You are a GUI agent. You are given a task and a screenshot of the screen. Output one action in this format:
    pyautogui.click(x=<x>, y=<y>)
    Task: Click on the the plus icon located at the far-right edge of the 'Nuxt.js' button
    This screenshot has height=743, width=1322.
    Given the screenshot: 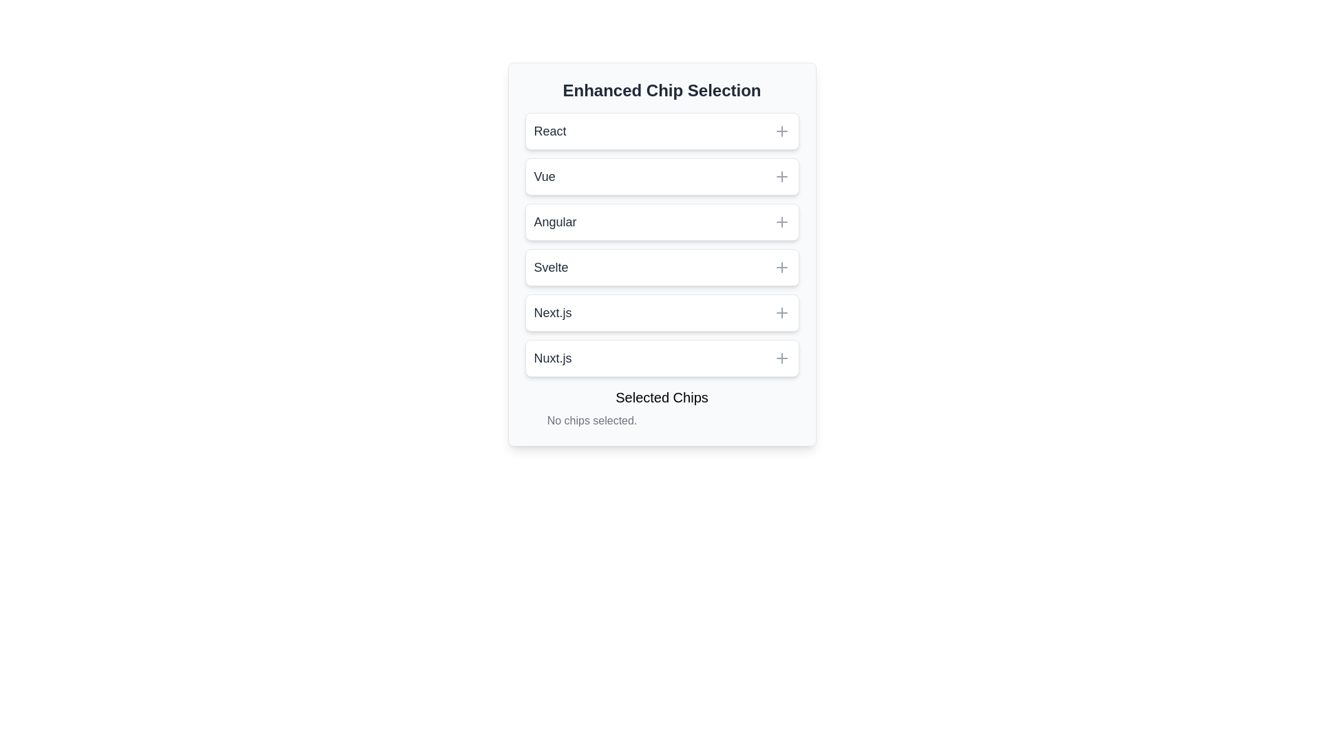 What is the action you would take?
    pyautogui.click(x=781, y=357)
    